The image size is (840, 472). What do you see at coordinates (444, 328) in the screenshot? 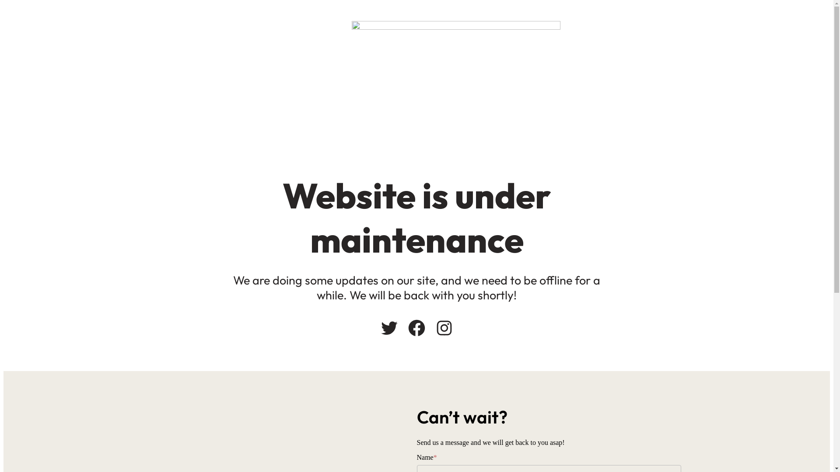
I see `'Instagram'` at bounding box center [444, 328].